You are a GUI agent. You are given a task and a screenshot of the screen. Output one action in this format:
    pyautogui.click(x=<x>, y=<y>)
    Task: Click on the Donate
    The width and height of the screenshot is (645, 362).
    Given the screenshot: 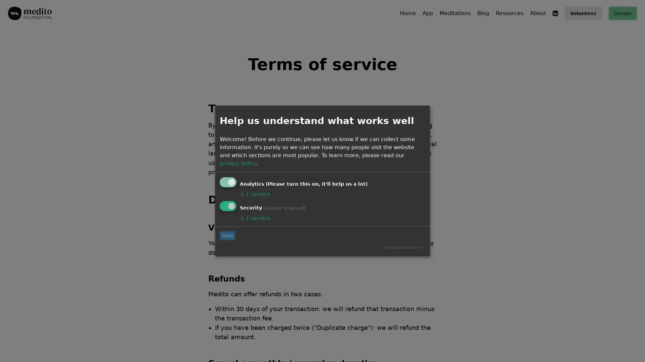 What is the action you would take?
    pyautogui.click(x=622, y=13)
    